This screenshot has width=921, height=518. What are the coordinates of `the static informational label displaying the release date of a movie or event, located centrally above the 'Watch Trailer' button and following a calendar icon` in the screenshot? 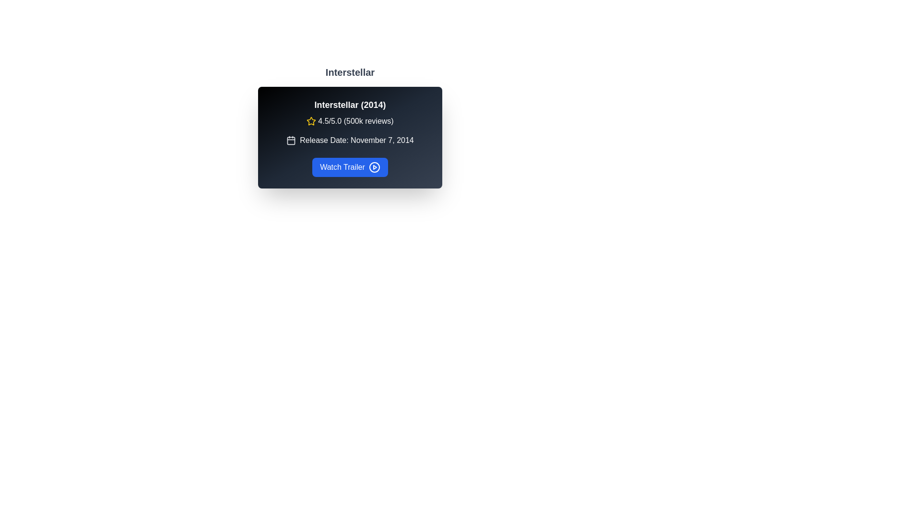 It's located at (356, 141).